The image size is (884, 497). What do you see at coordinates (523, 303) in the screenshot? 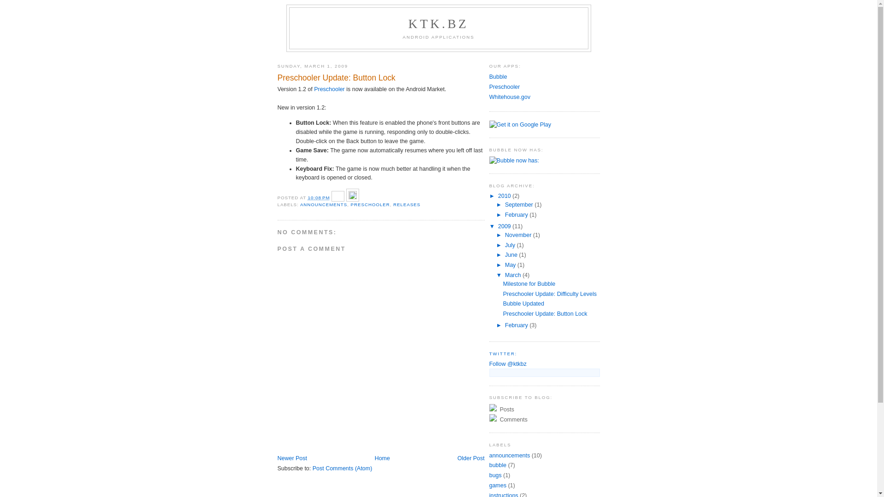
I see `'Bubble Updated'` at bounding box center [523, 303].